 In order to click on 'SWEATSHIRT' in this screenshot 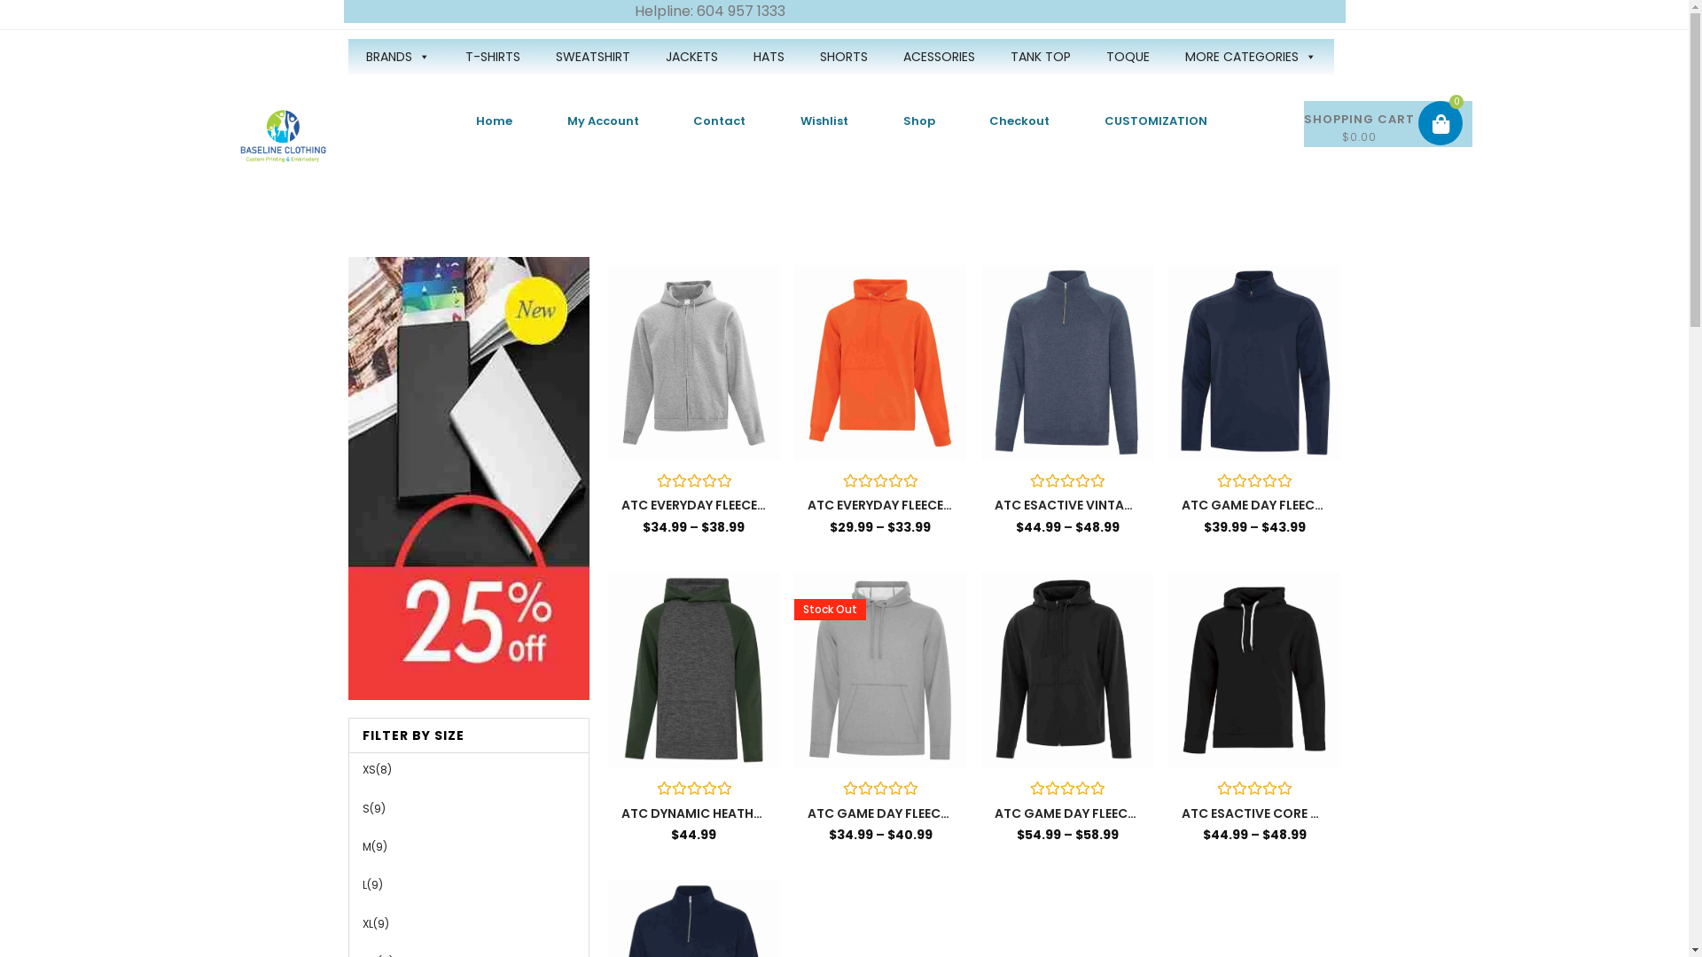, I will do `click(591, 56)`.